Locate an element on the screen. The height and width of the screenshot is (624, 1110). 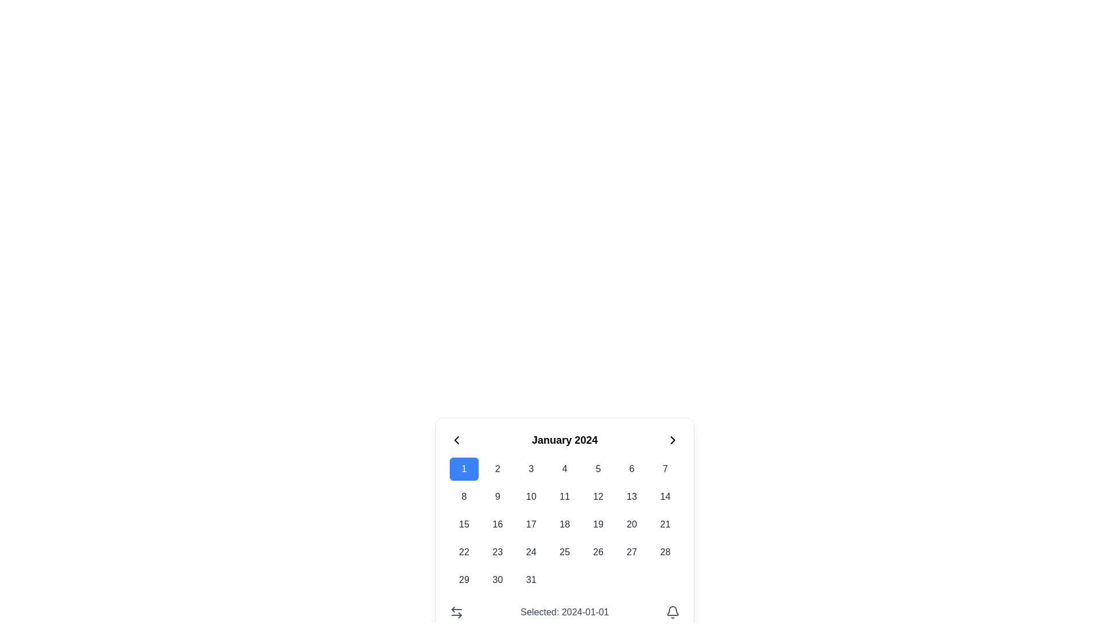
the button-like date tile displaying the number '3' in the January 2024 calendar grid is located at coordinates (530, 469).